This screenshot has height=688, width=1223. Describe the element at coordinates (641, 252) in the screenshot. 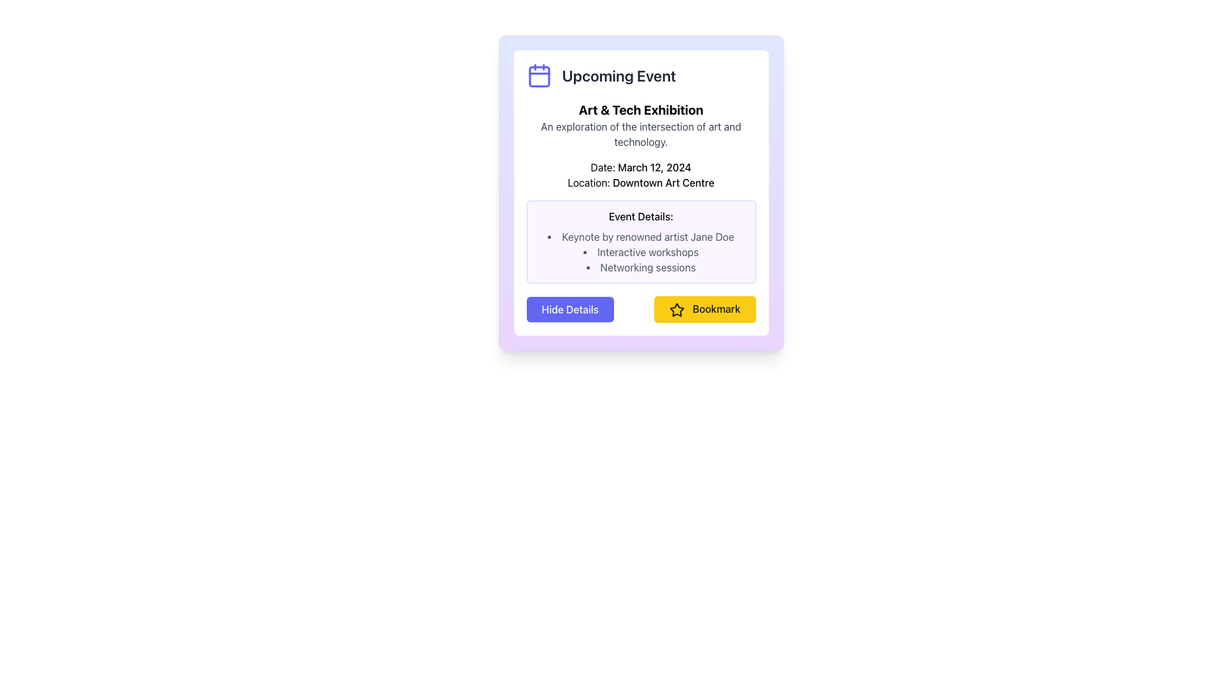

I see `the text list component that displays additional details about an event, located below the 'Event Details:' title within a rounded box in the card-like layout` at that location.